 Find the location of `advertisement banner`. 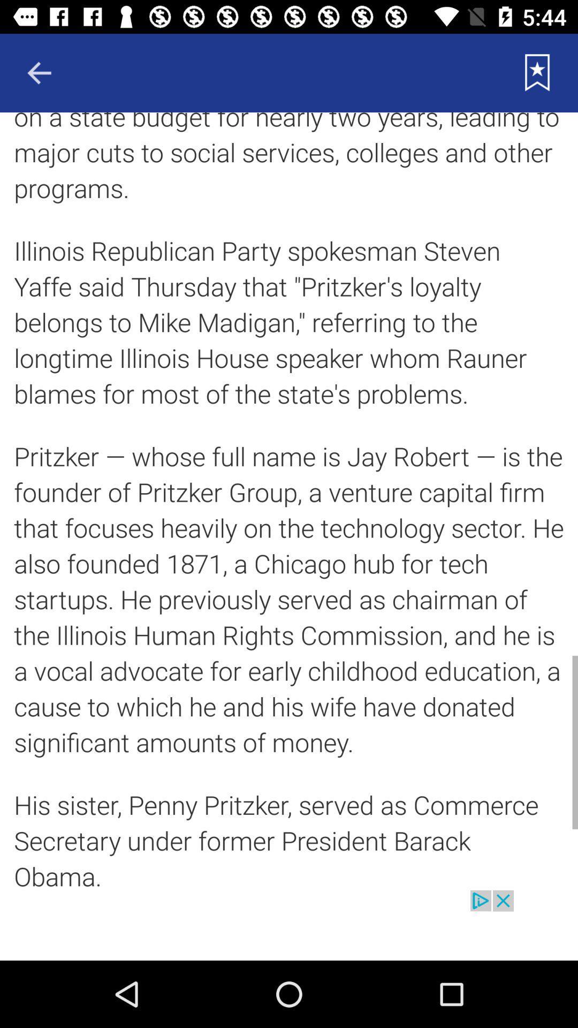

advertisement banner is located at coordinates (289, 925).